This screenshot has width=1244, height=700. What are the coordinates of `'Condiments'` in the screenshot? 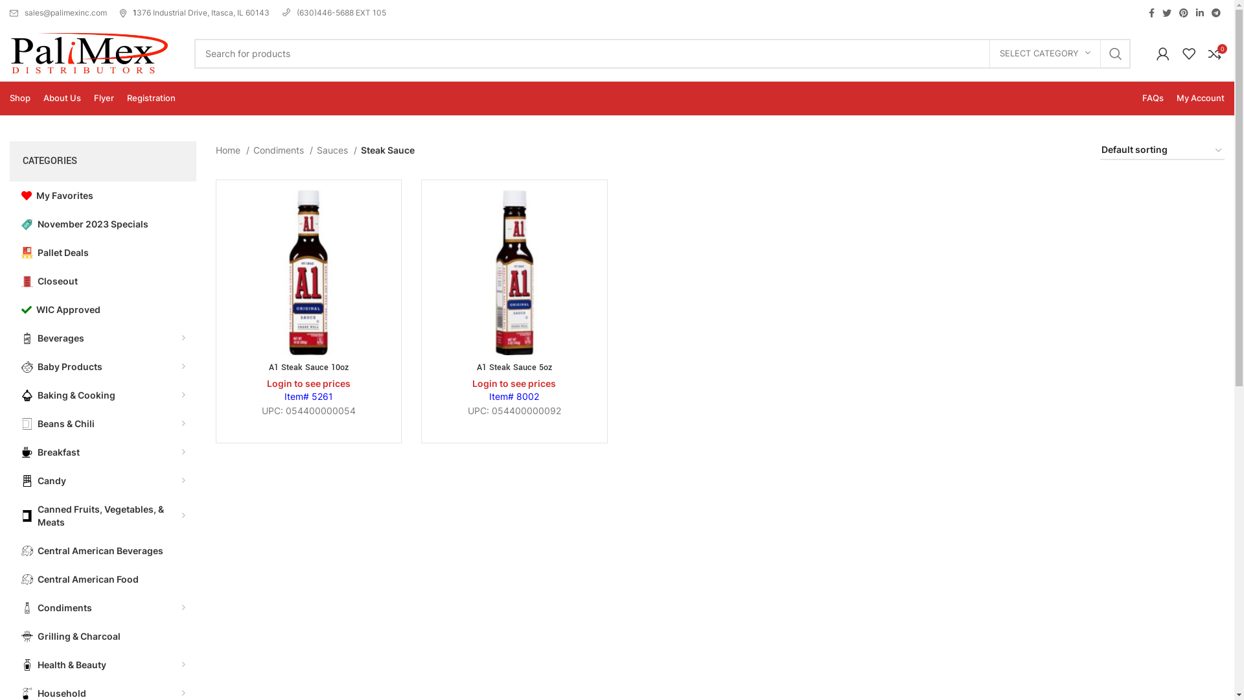 It's located at (282, 149).